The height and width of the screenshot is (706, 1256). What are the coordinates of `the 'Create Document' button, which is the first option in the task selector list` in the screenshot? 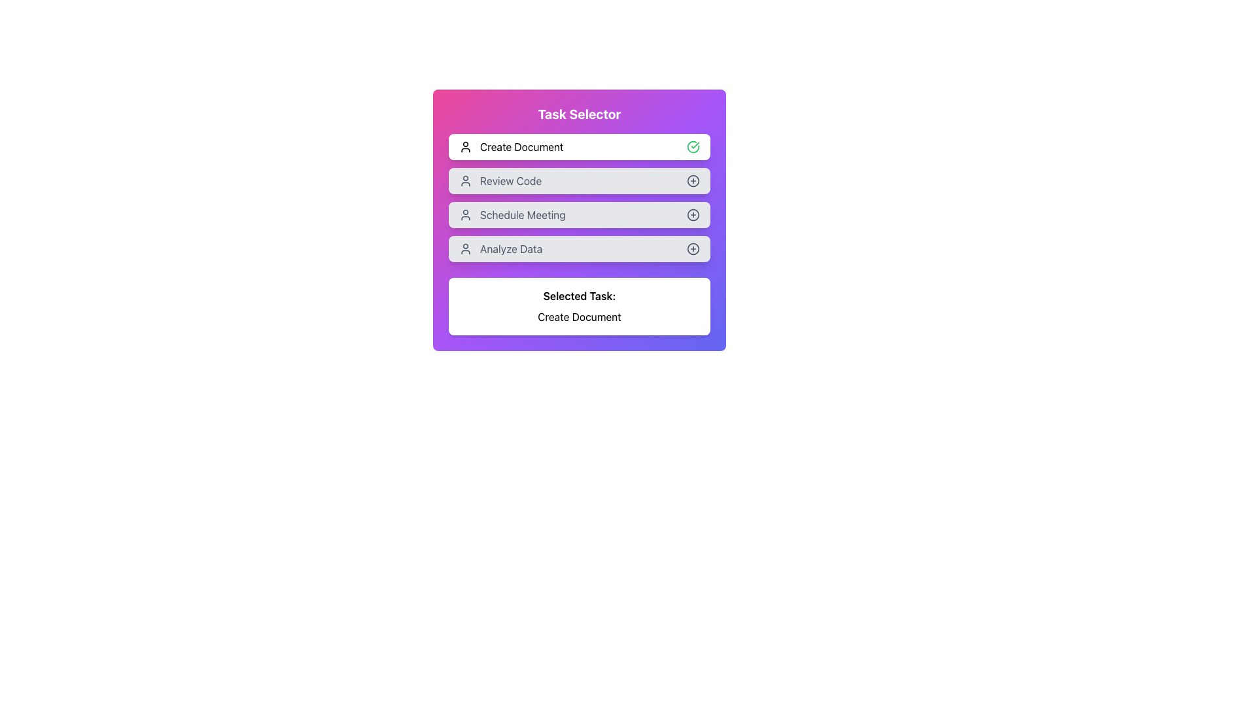 It's located at (579, 146).